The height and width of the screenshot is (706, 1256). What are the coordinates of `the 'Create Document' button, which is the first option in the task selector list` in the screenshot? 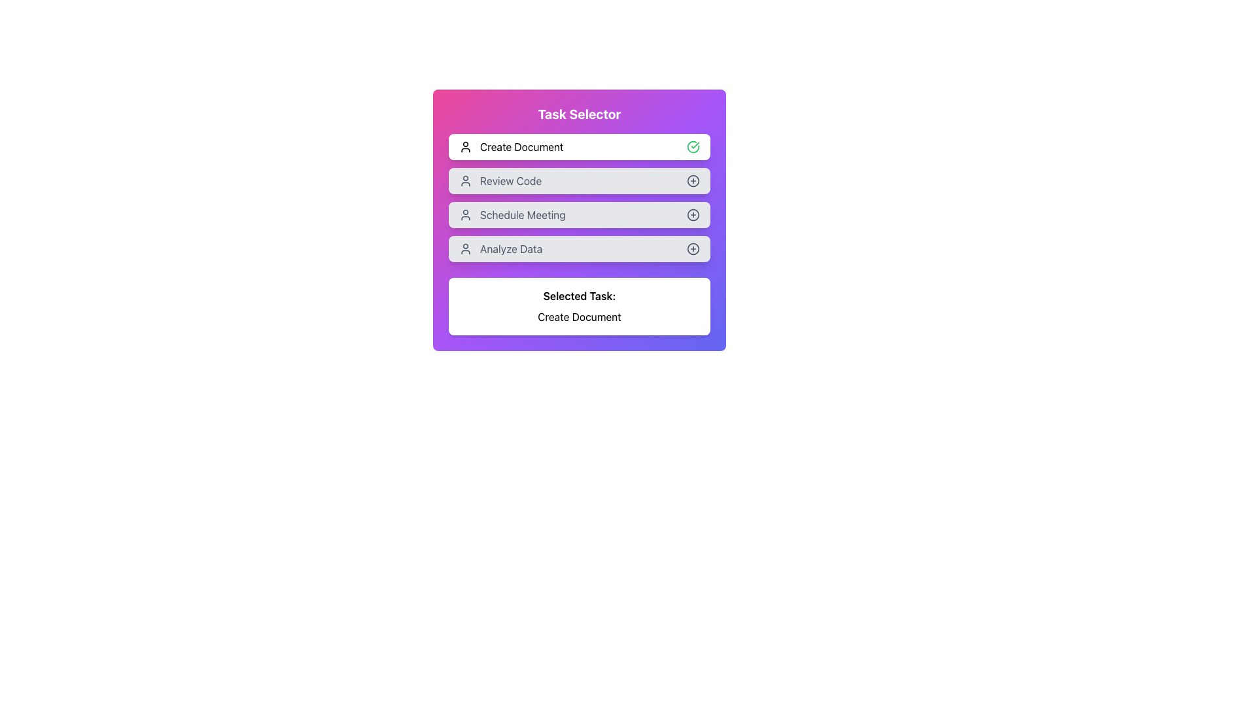 It's located at (579, 146).